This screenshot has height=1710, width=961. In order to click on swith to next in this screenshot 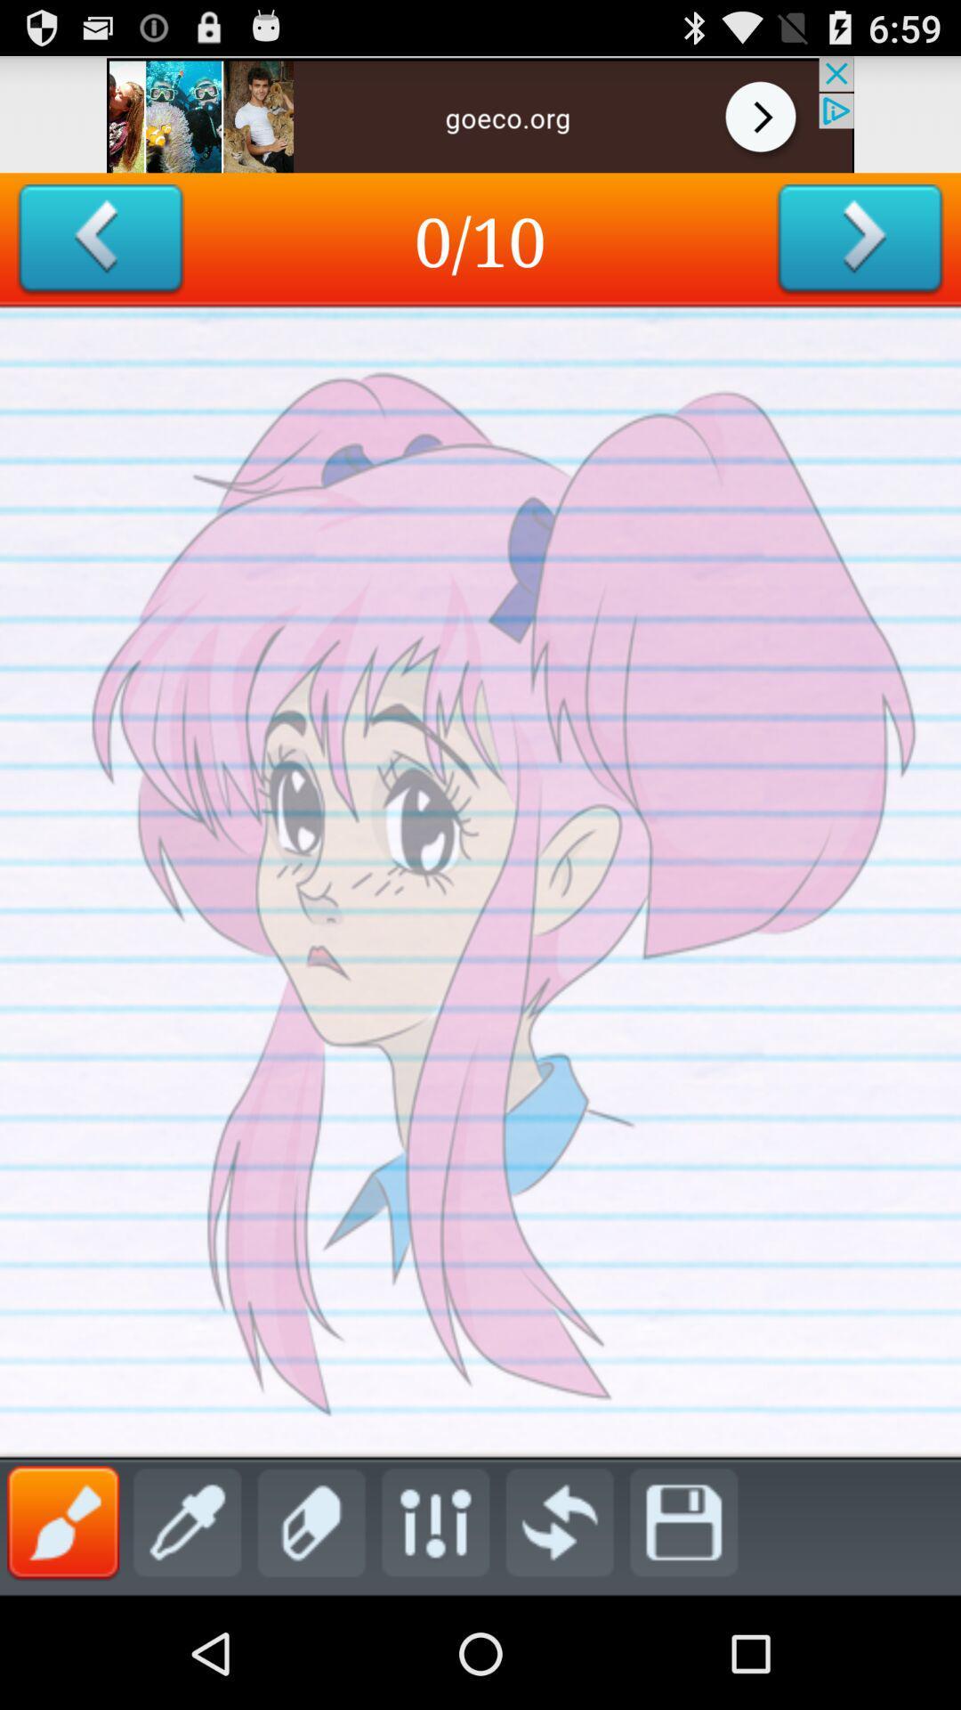, I will do `click(859, 239)`.